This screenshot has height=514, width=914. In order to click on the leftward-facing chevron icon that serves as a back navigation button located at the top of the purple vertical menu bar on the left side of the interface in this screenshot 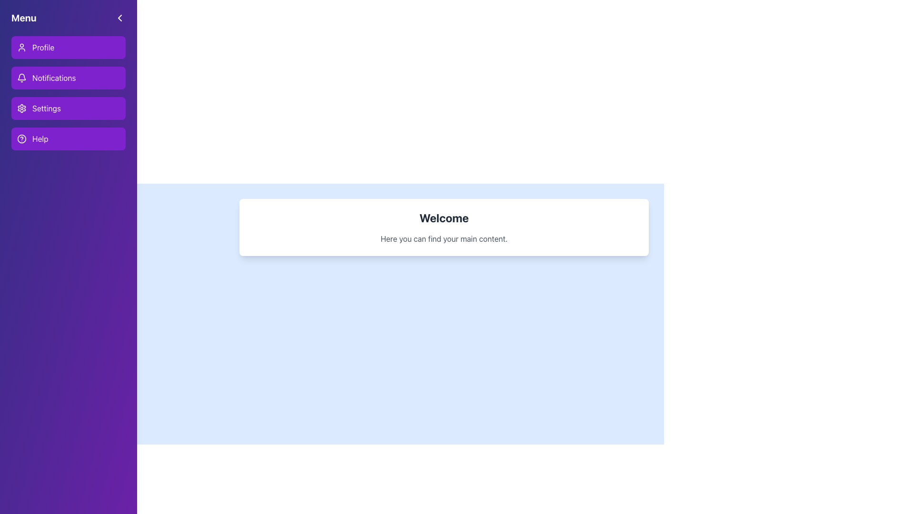, I will do `click(119, 18)`.